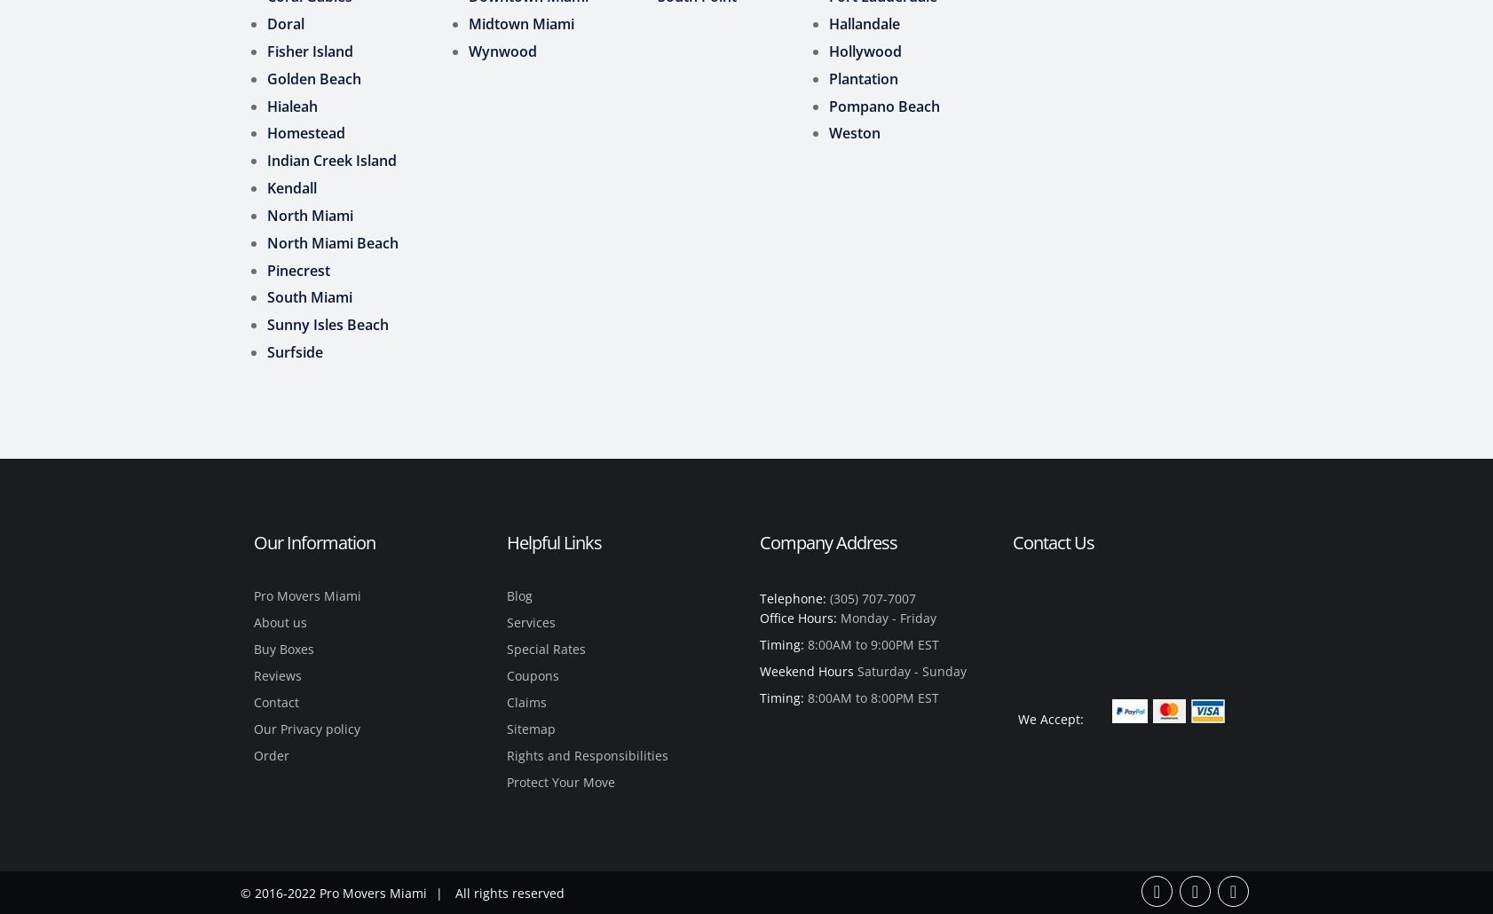  Describe the element at coordinates (521, 22) in the screenshot. I see `'Midtown Miami'` at that location.